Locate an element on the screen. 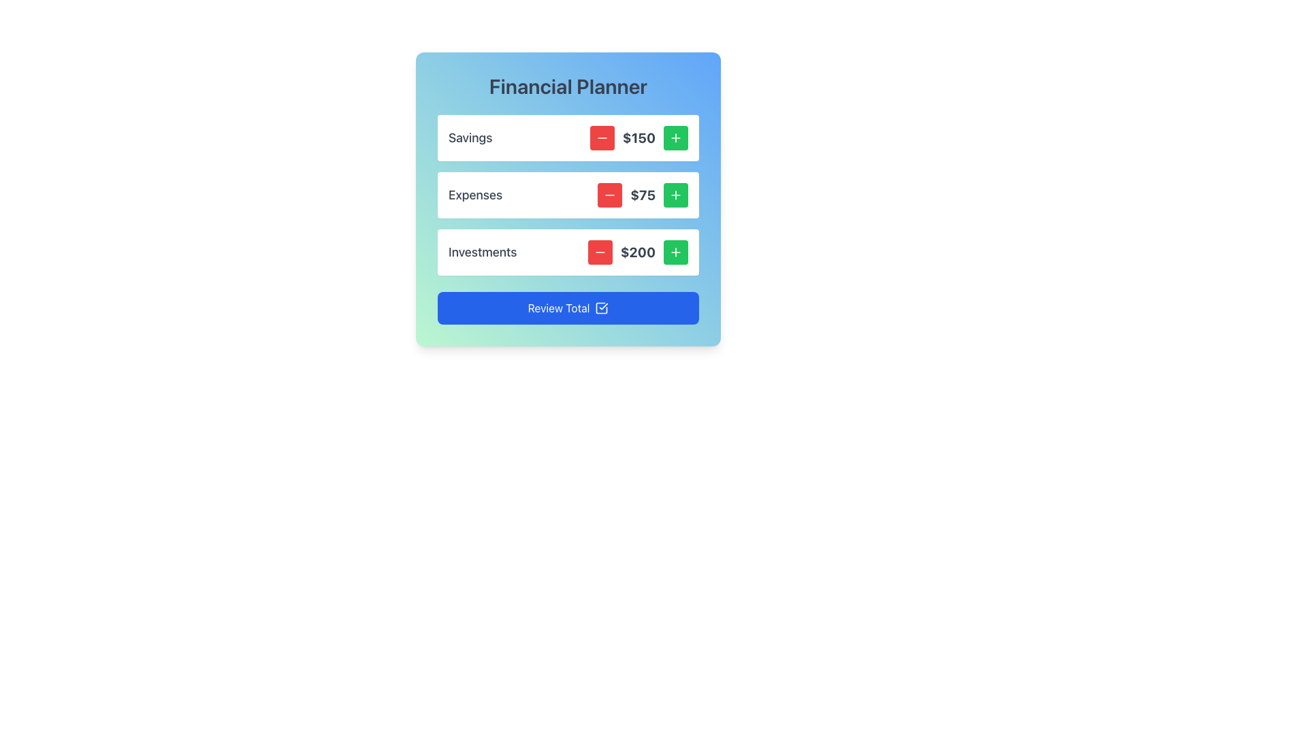 The image size is (1307, 735). the icon button with a minus symbol, which is a small square button with a red background located to the left of the value '$75' in the 'Expenses' section, to decrement the value is located at coordinates (609, 195).